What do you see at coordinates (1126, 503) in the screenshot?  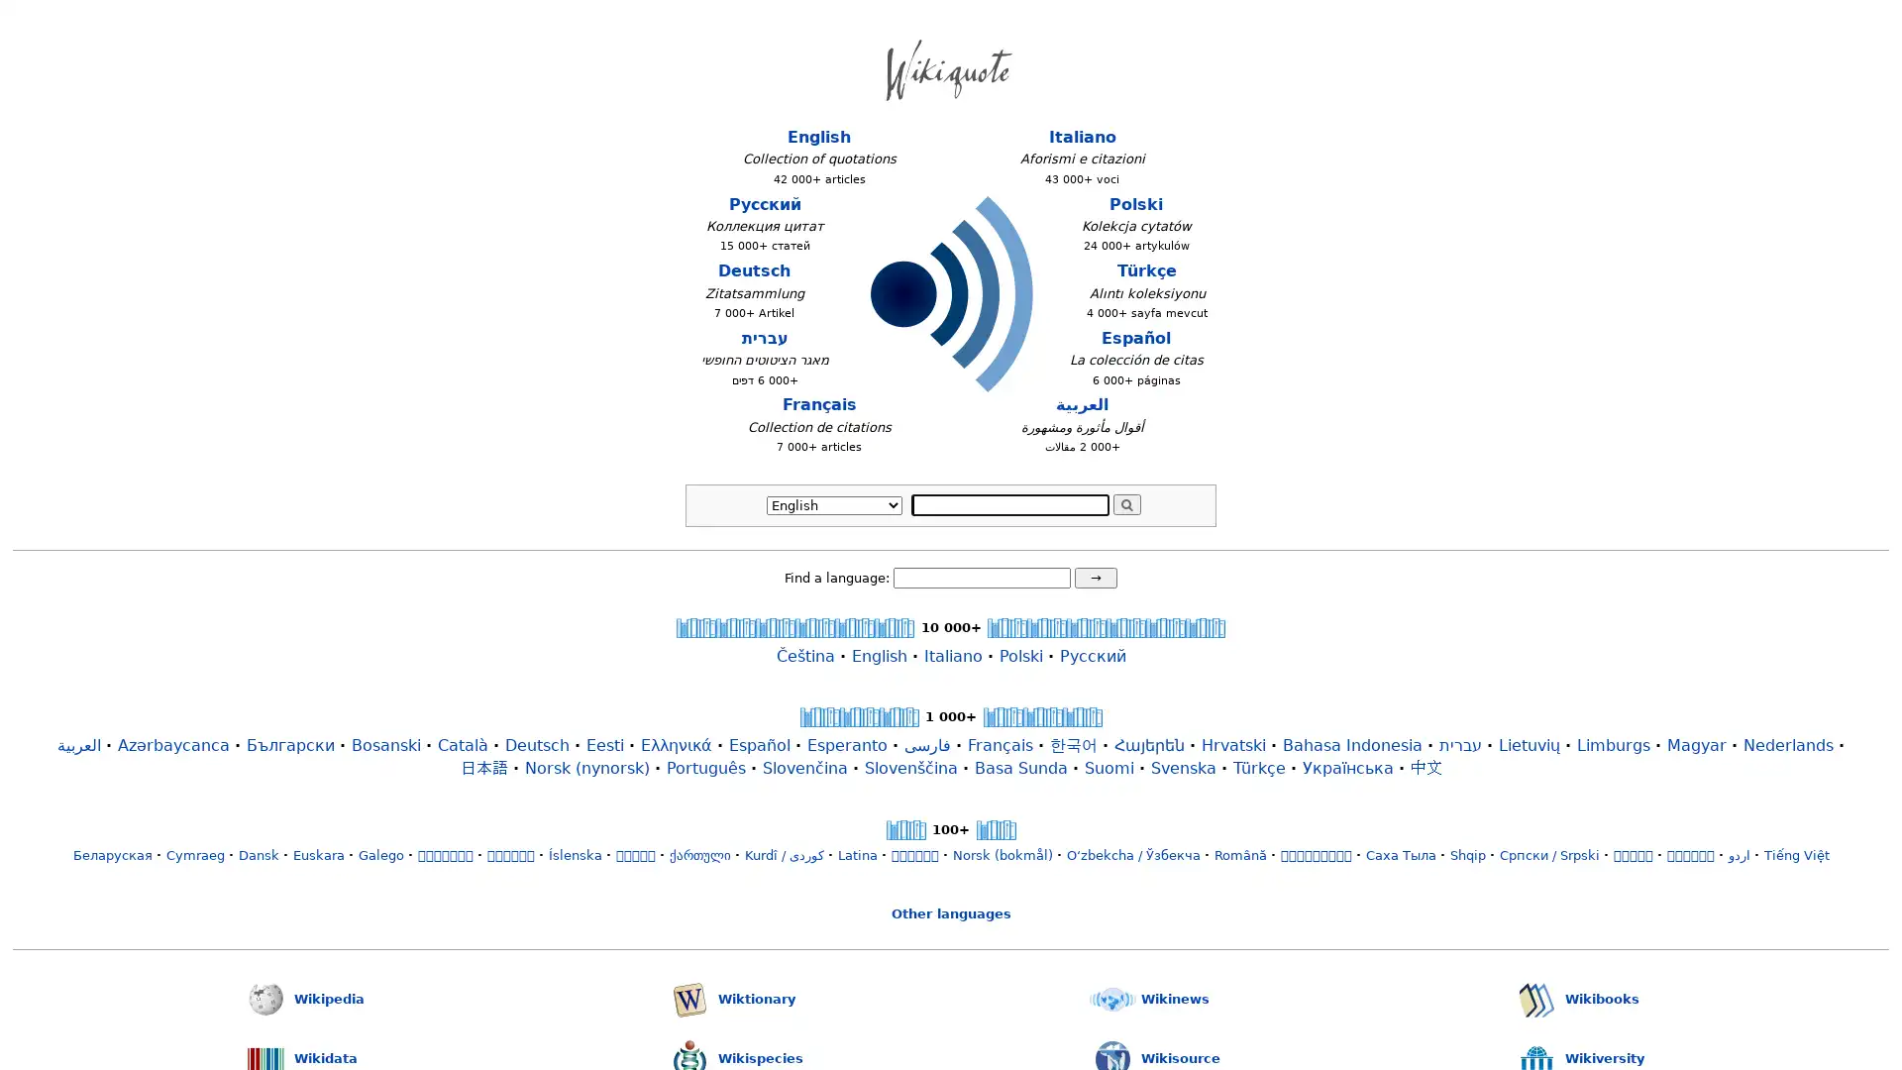 I see `Search` at bounding box center [1126, 503].